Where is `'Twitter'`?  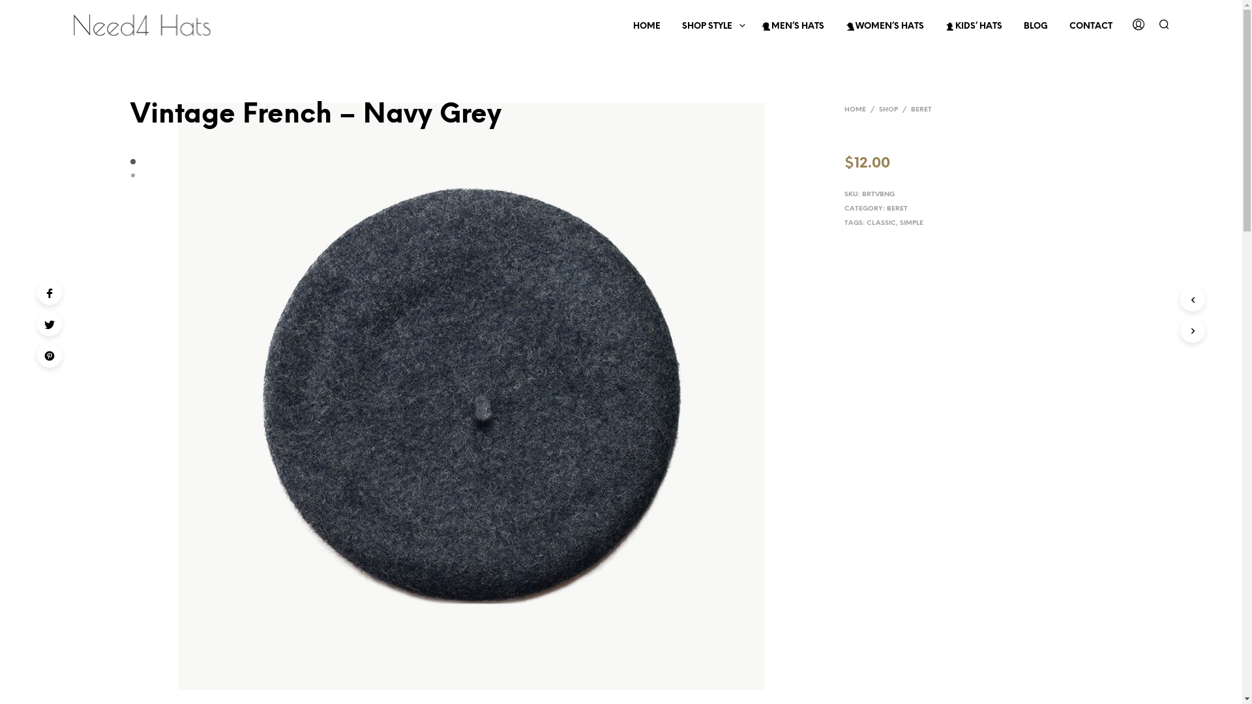 'Twitter' is located at coordinates (50, 323).